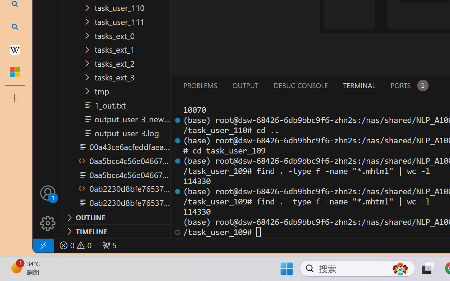 The image size is (450, 281). What do you see at coordinates (108, 245) in the screenshot?
I see `'Forwarded Ports: 36301, 47065, 38781, 45817, 50331'` at bounding box center [108, 245].